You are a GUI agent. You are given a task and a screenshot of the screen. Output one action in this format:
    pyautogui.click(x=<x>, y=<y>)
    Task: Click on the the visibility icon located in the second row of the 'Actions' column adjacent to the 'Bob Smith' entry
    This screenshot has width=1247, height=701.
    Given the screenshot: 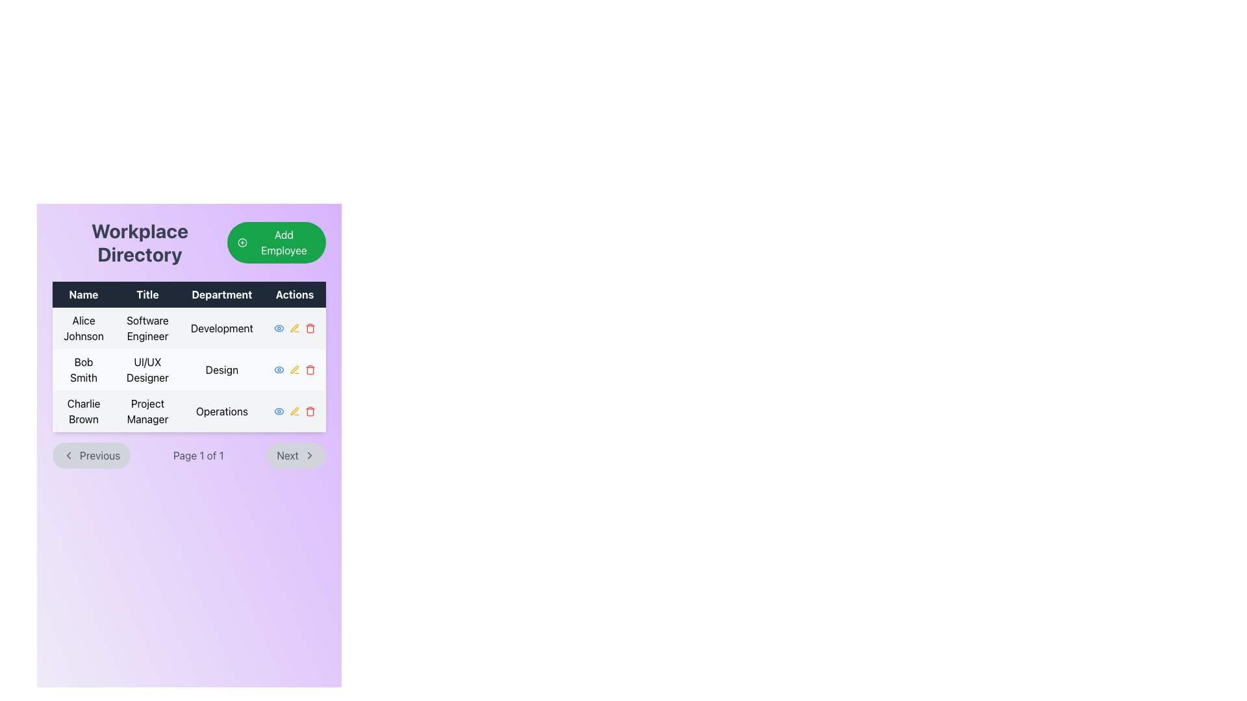 What is the action you would take?
    pyautogui.click(x=278, y=327)
    